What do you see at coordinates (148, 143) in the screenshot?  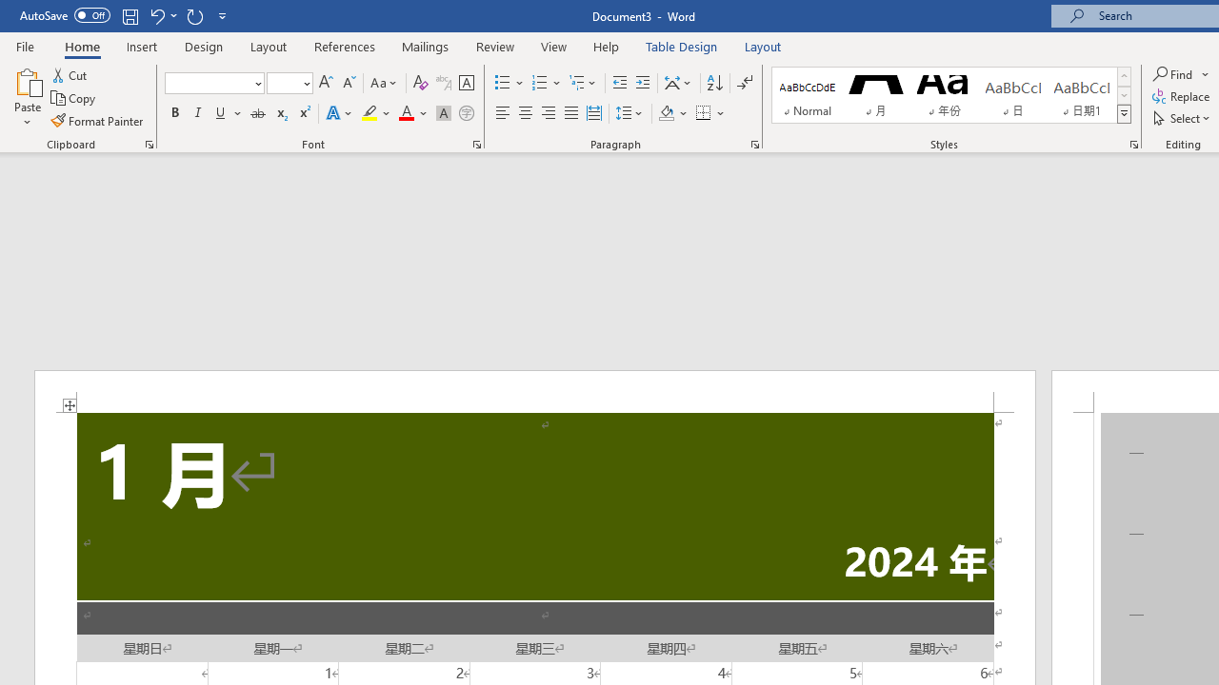 I see `'Office Clipboard...'` at bounding box center [148, 143].